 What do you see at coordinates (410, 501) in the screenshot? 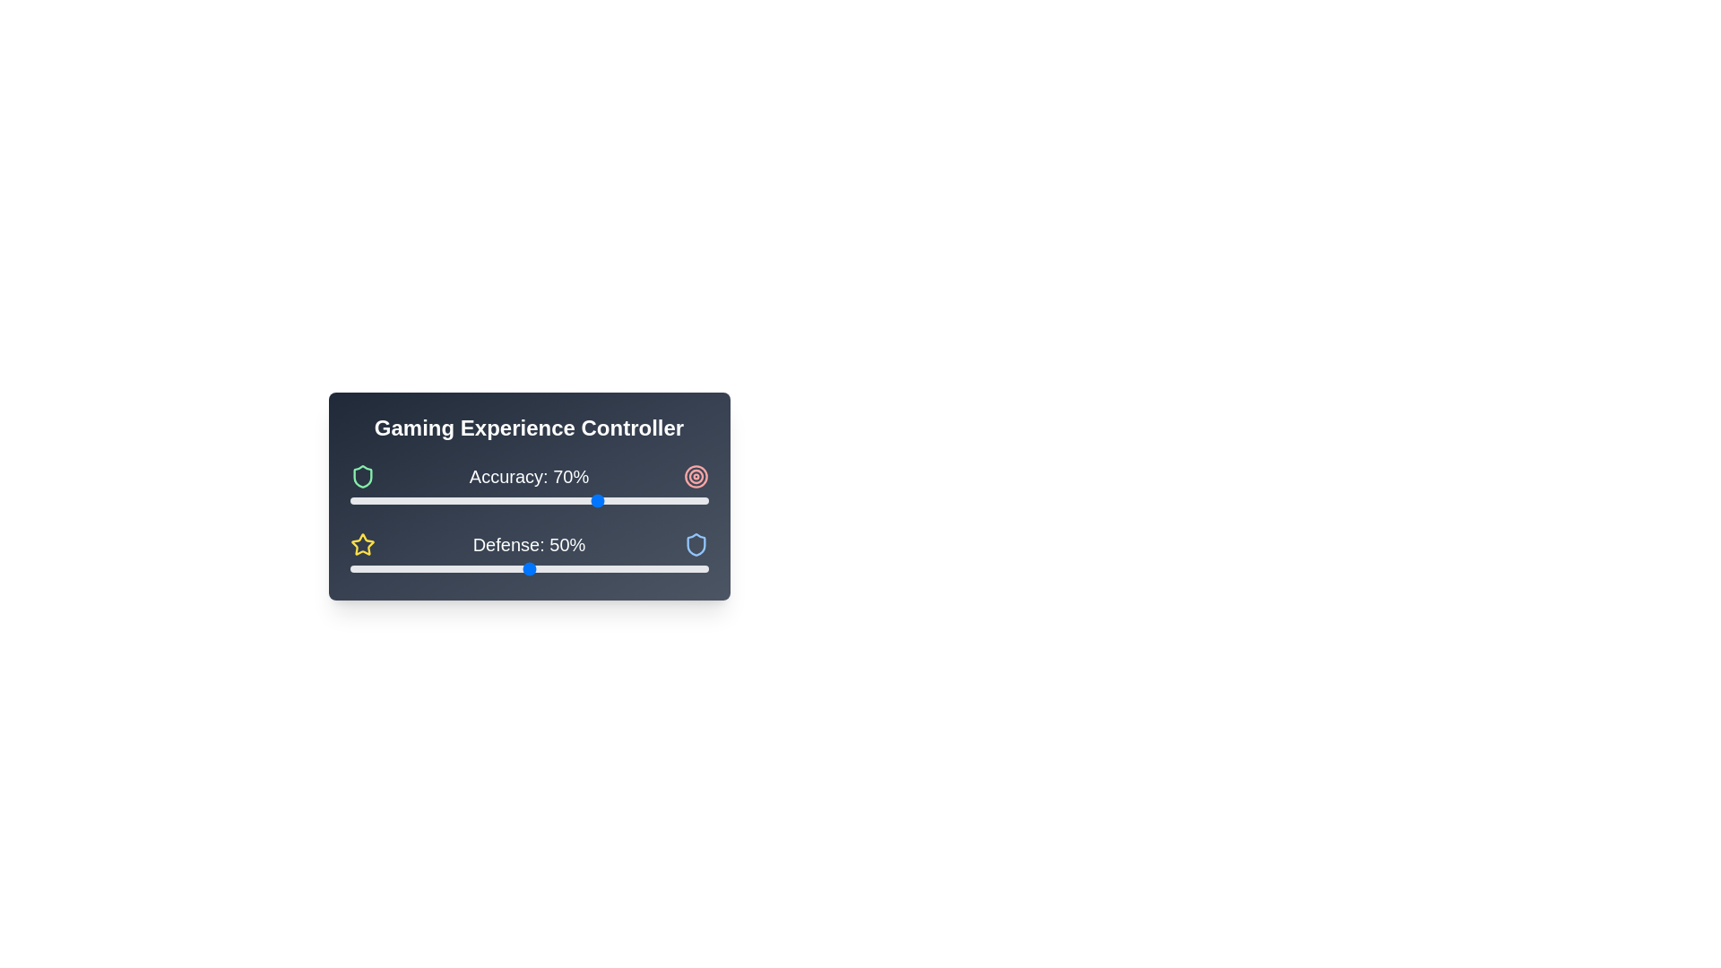
I see `the 'Accuracy' slider to set its value to 17%` at bounding box center [410, 501].